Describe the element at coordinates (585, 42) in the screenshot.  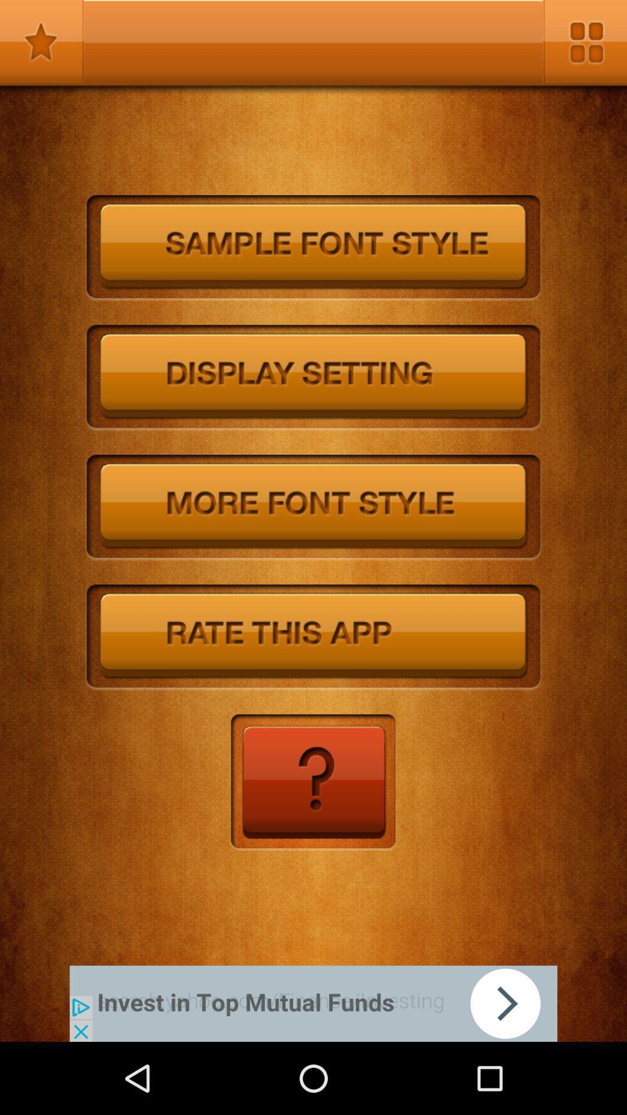
I see `menu button` at that location.